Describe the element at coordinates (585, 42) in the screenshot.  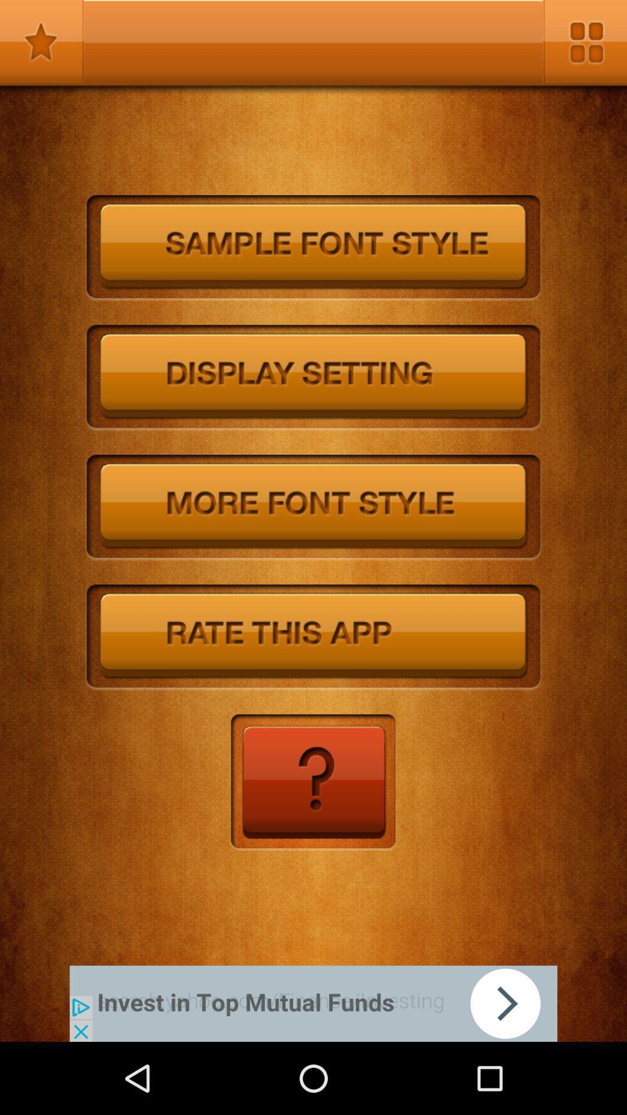
I see `menu button` at that location.